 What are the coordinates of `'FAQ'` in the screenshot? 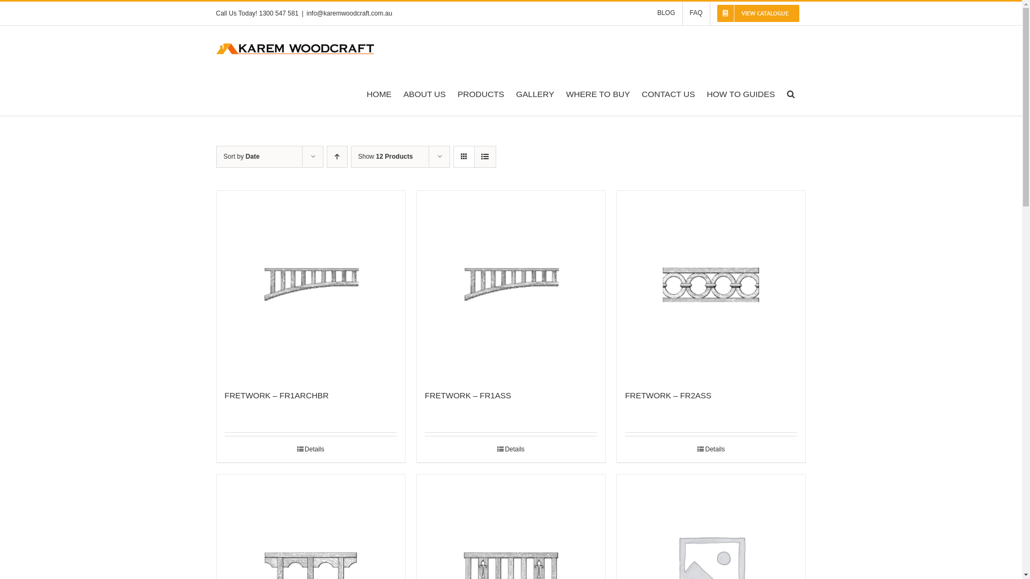 It's located at (695, 13).